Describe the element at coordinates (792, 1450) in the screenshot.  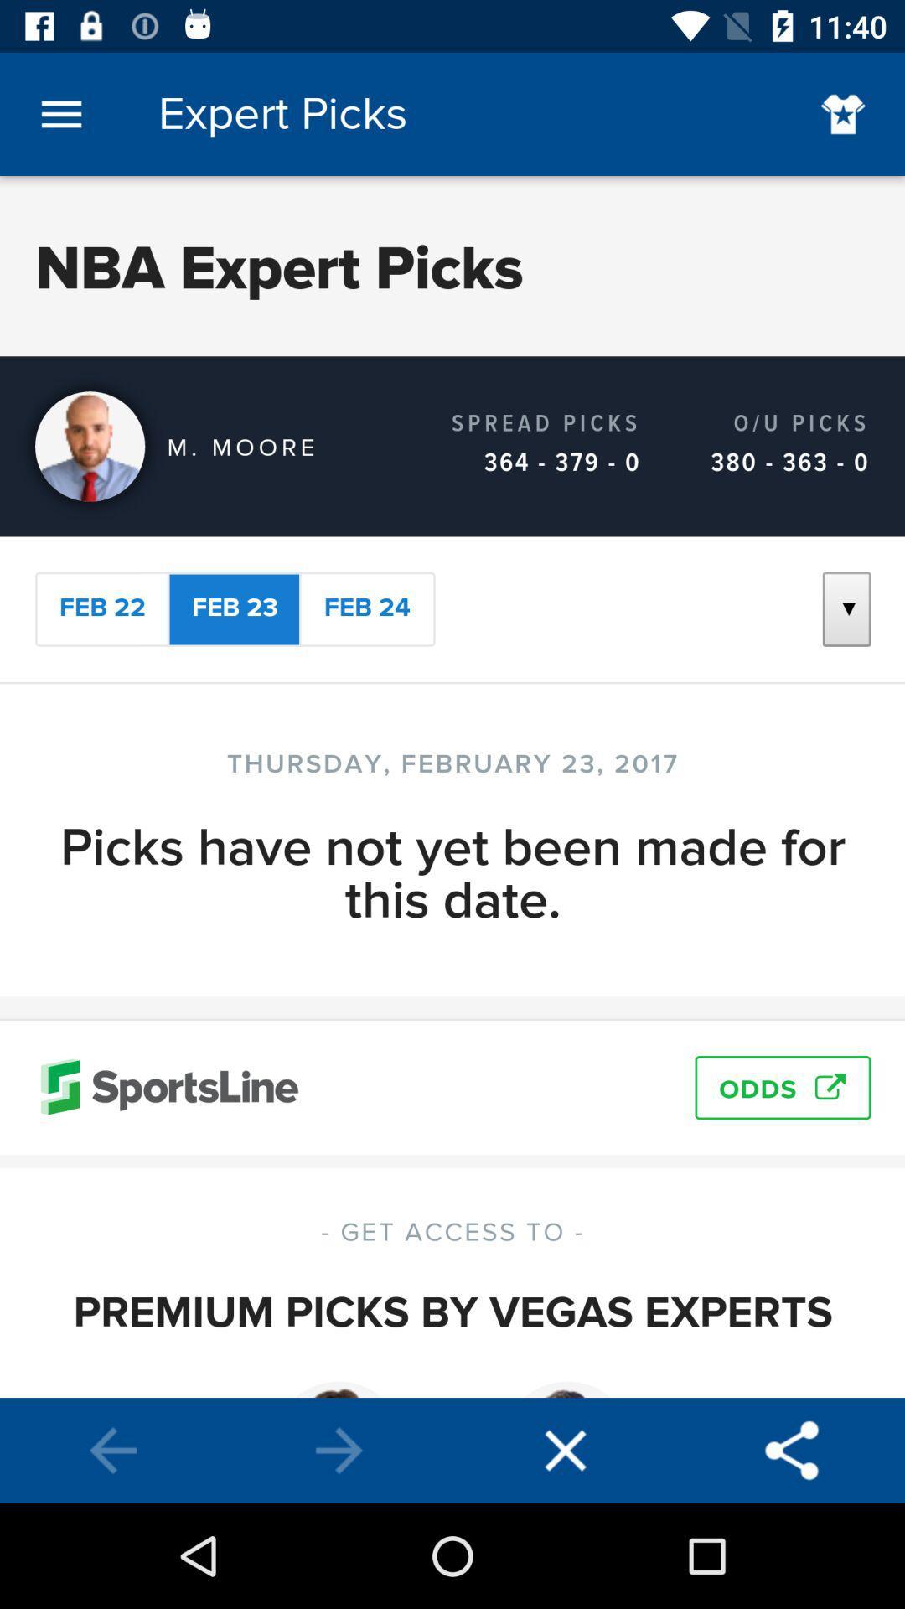
I see `sharing function` at that location.